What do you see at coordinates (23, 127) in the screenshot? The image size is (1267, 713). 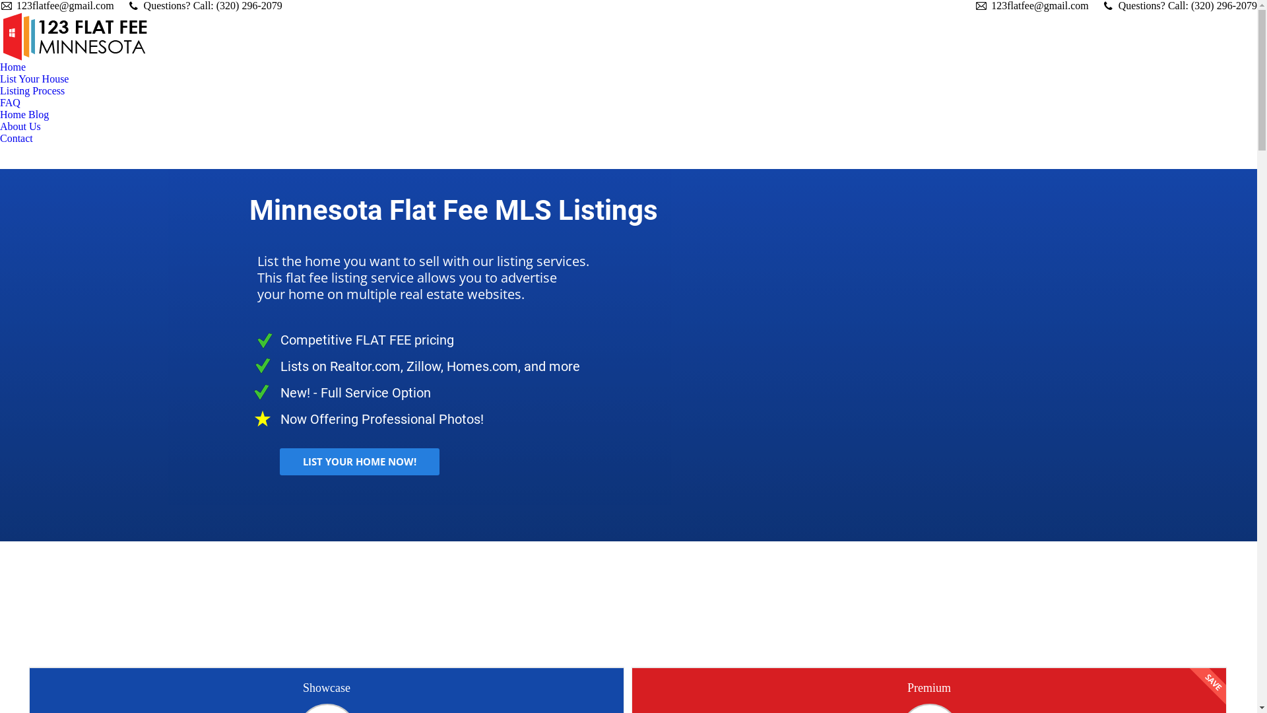 I see `'About Us'` at bounding box center [23, 127].